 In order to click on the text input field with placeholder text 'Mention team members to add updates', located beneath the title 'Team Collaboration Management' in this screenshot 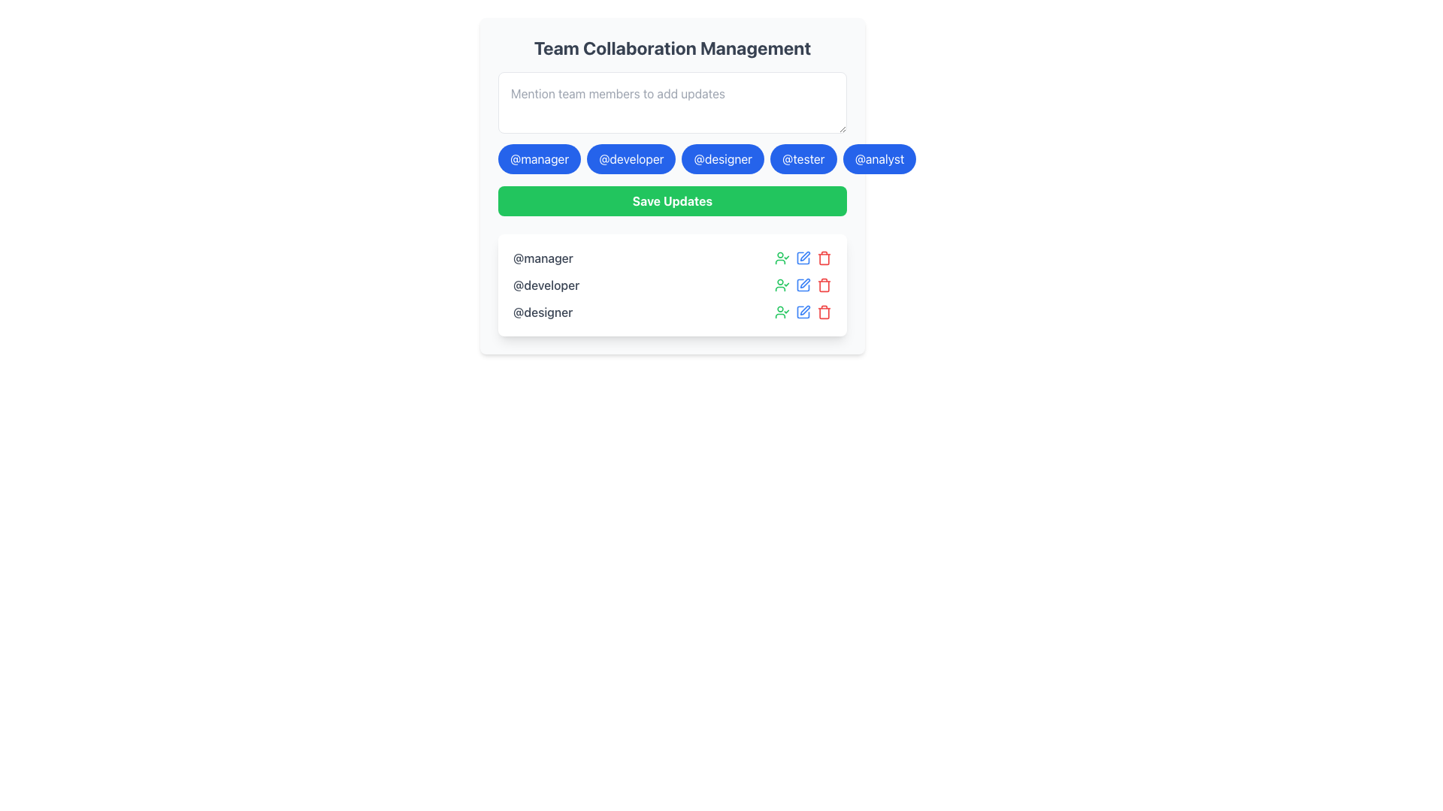, I will do `click(671, 102)`.